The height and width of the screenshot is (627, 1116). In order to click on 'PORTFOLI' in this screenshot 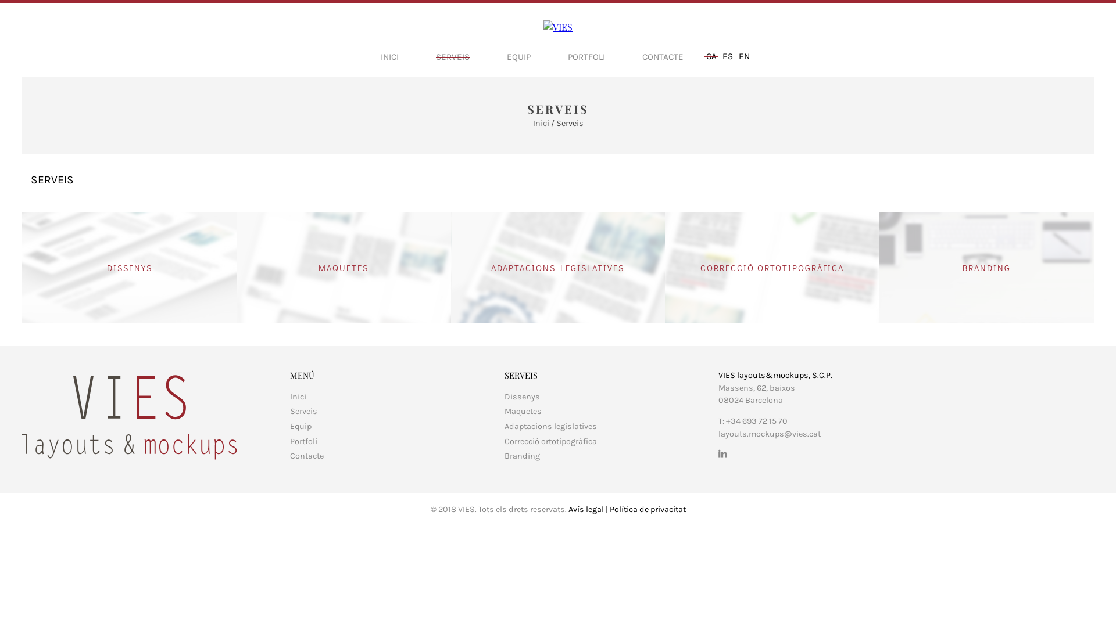, I will do `click(568, 56)`.